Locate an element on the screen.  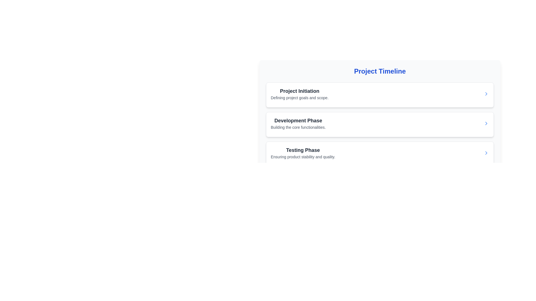
the sub-elements within the informational panel that summarizes the steps or phases of a project is located at coordinates (380, 108).